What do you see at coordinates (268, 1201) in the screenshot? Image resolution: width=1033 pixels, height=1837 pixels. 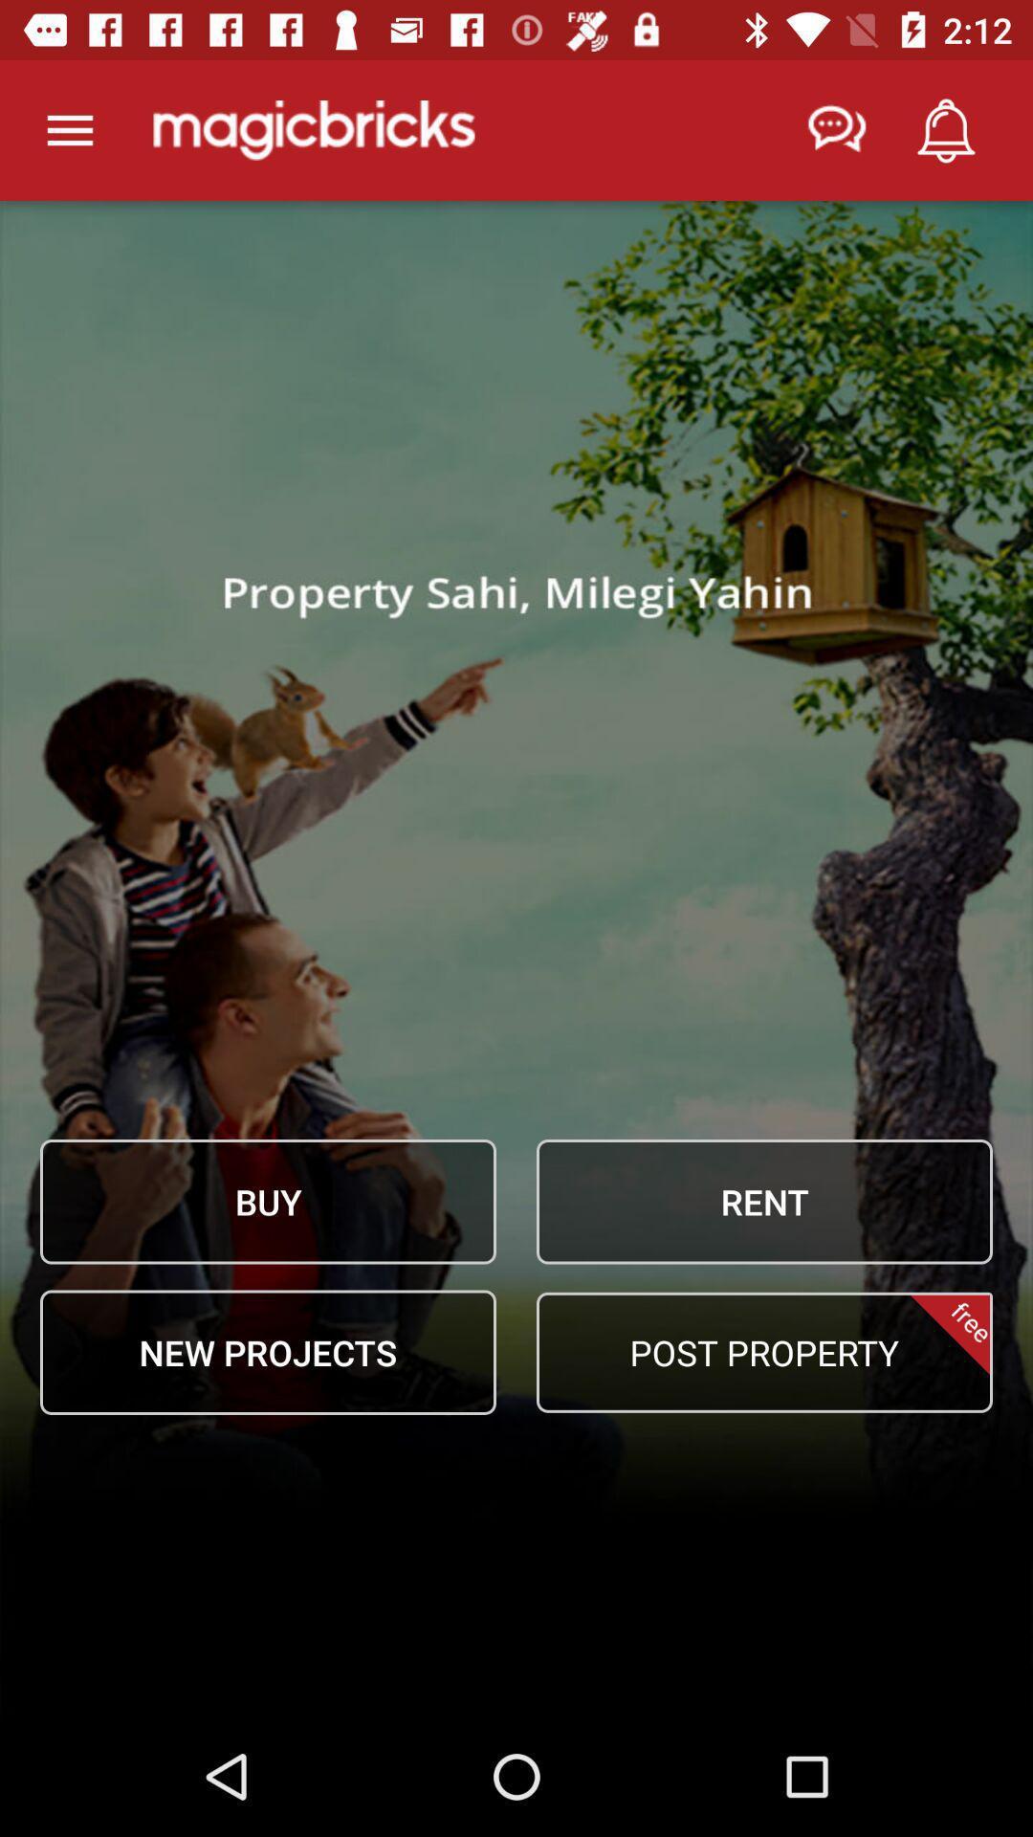 I see `the buy item` at bounding box center [268, 1201].